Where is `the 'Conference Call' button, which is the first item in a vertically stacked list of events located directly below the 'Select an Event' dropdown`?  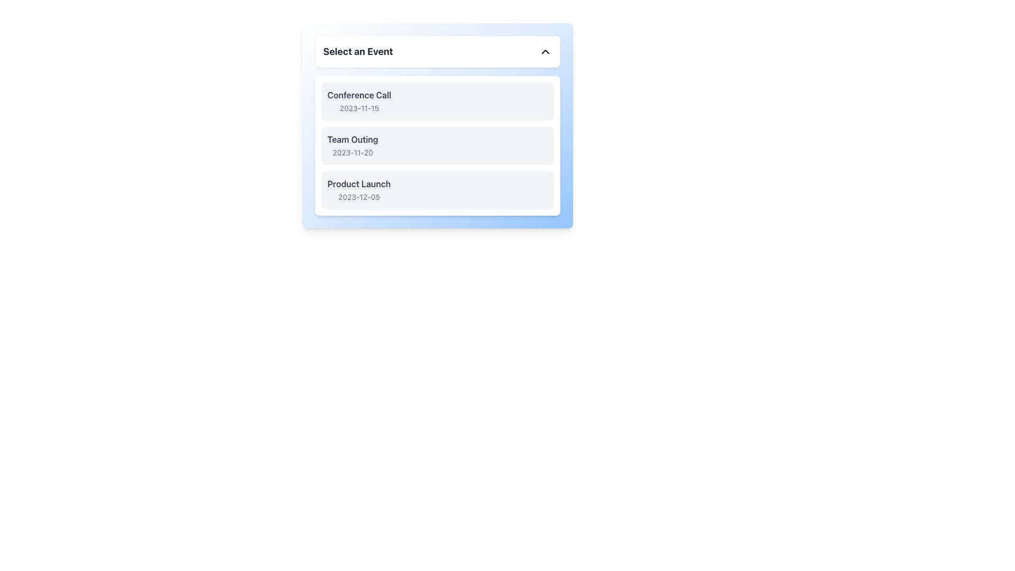
the 'Conference Call' button, which is the first item in a vertically stacked list of events located directly below the 'Select an Event' dropdown is located at coordinates (437, 102).